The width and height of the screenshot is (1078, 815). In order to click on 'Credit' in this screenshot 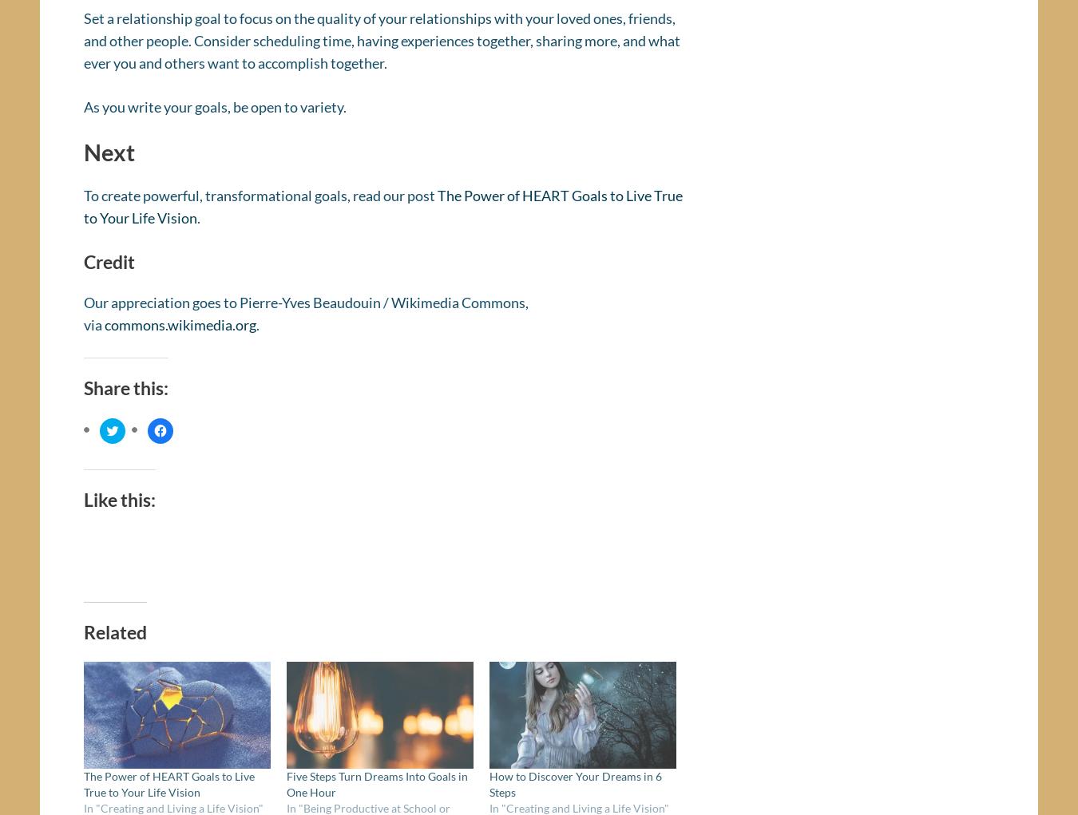, I will do `click(109, 265)`.